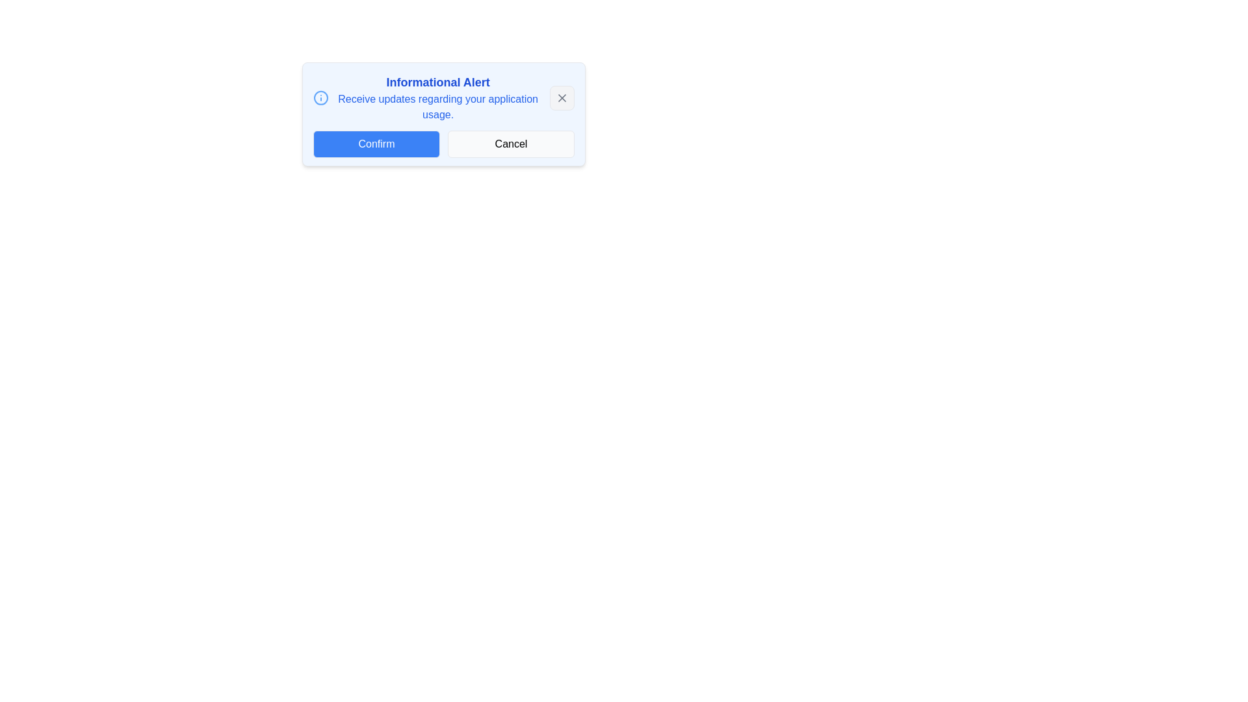  I want to click on the cancellation button, which is the second button in a horizontal layout next to the 'Confirm' button, to change its background style, so click(510, 144).